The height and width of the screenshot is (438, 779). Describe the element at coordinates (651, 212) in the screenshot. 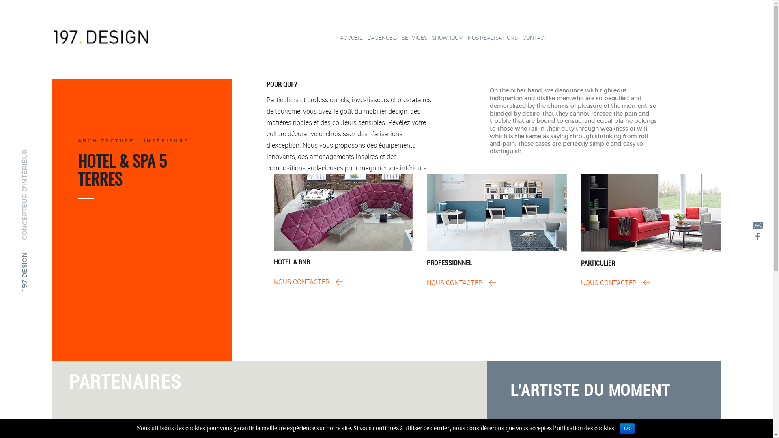

I see `'197-design_home_particulier'` at that location.